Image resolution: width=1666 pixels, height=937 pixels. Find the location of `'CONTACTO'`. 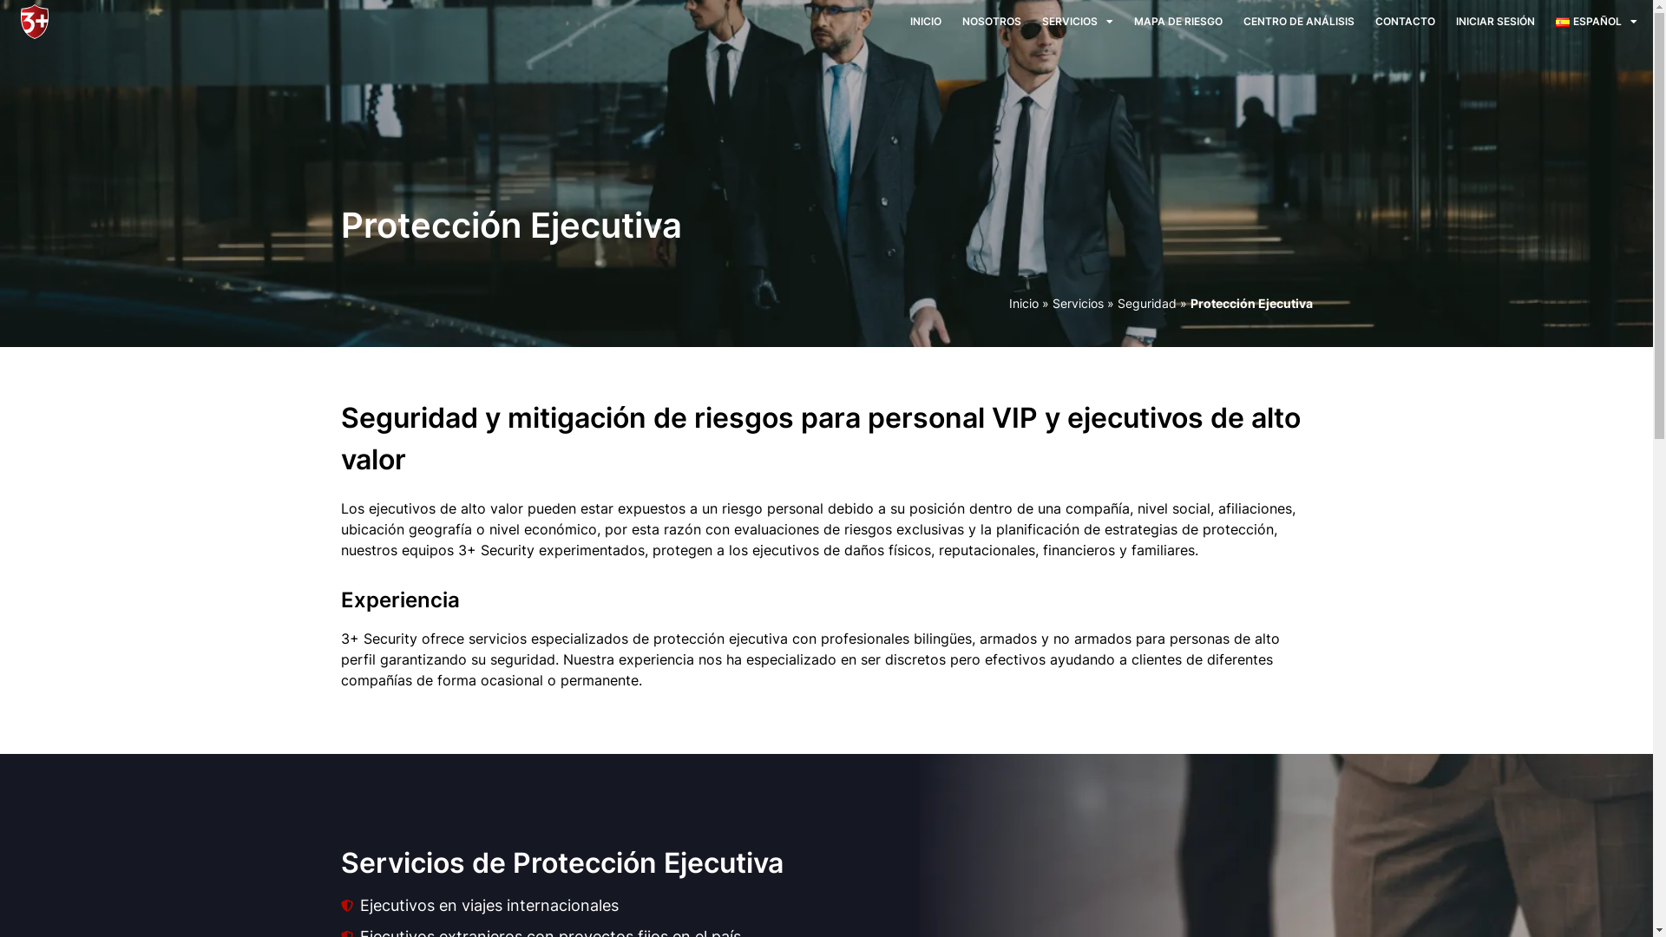

'CONTACTO' is located at coordinates (1364, 21).